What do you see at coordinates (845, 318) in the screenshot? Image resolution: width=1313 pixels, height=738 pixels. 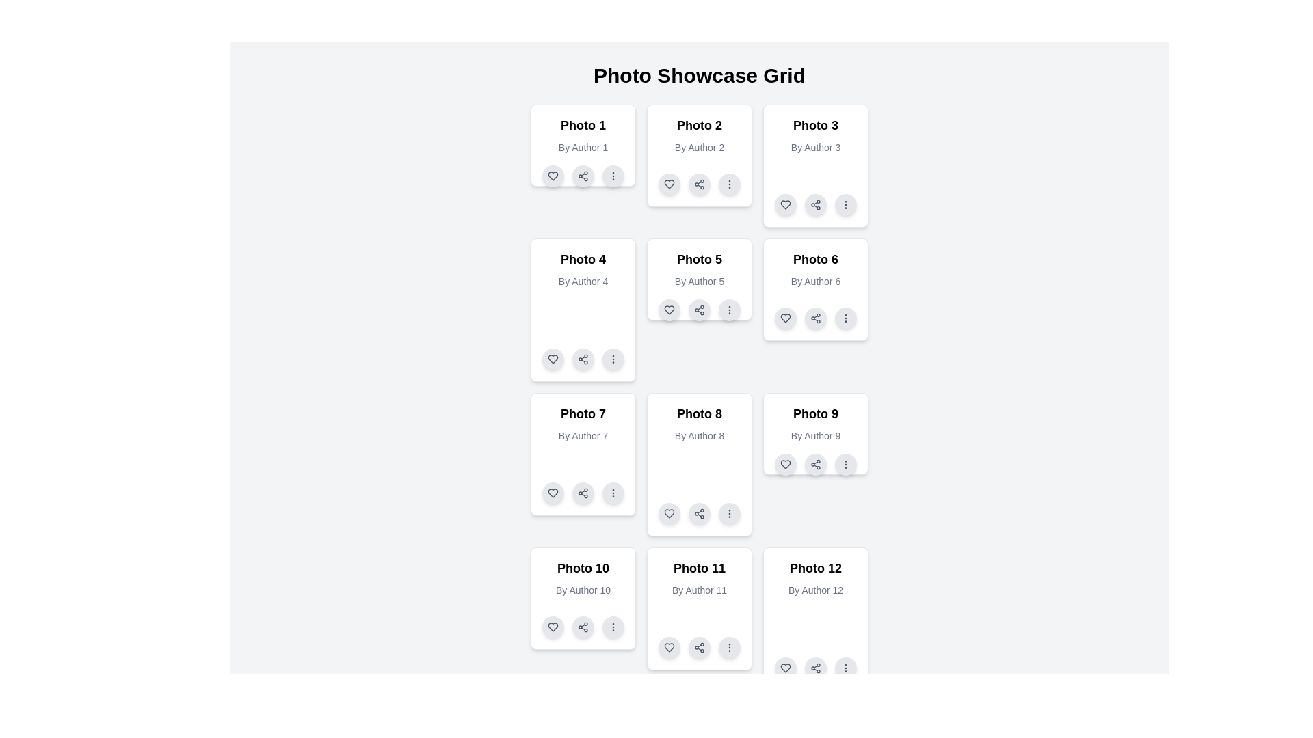 I see `the small circular gray button with an ellipsis menu icon located in the bottom-right corner of the 'Photo 6 By Author 6' card` at bounding box center [845, 318].